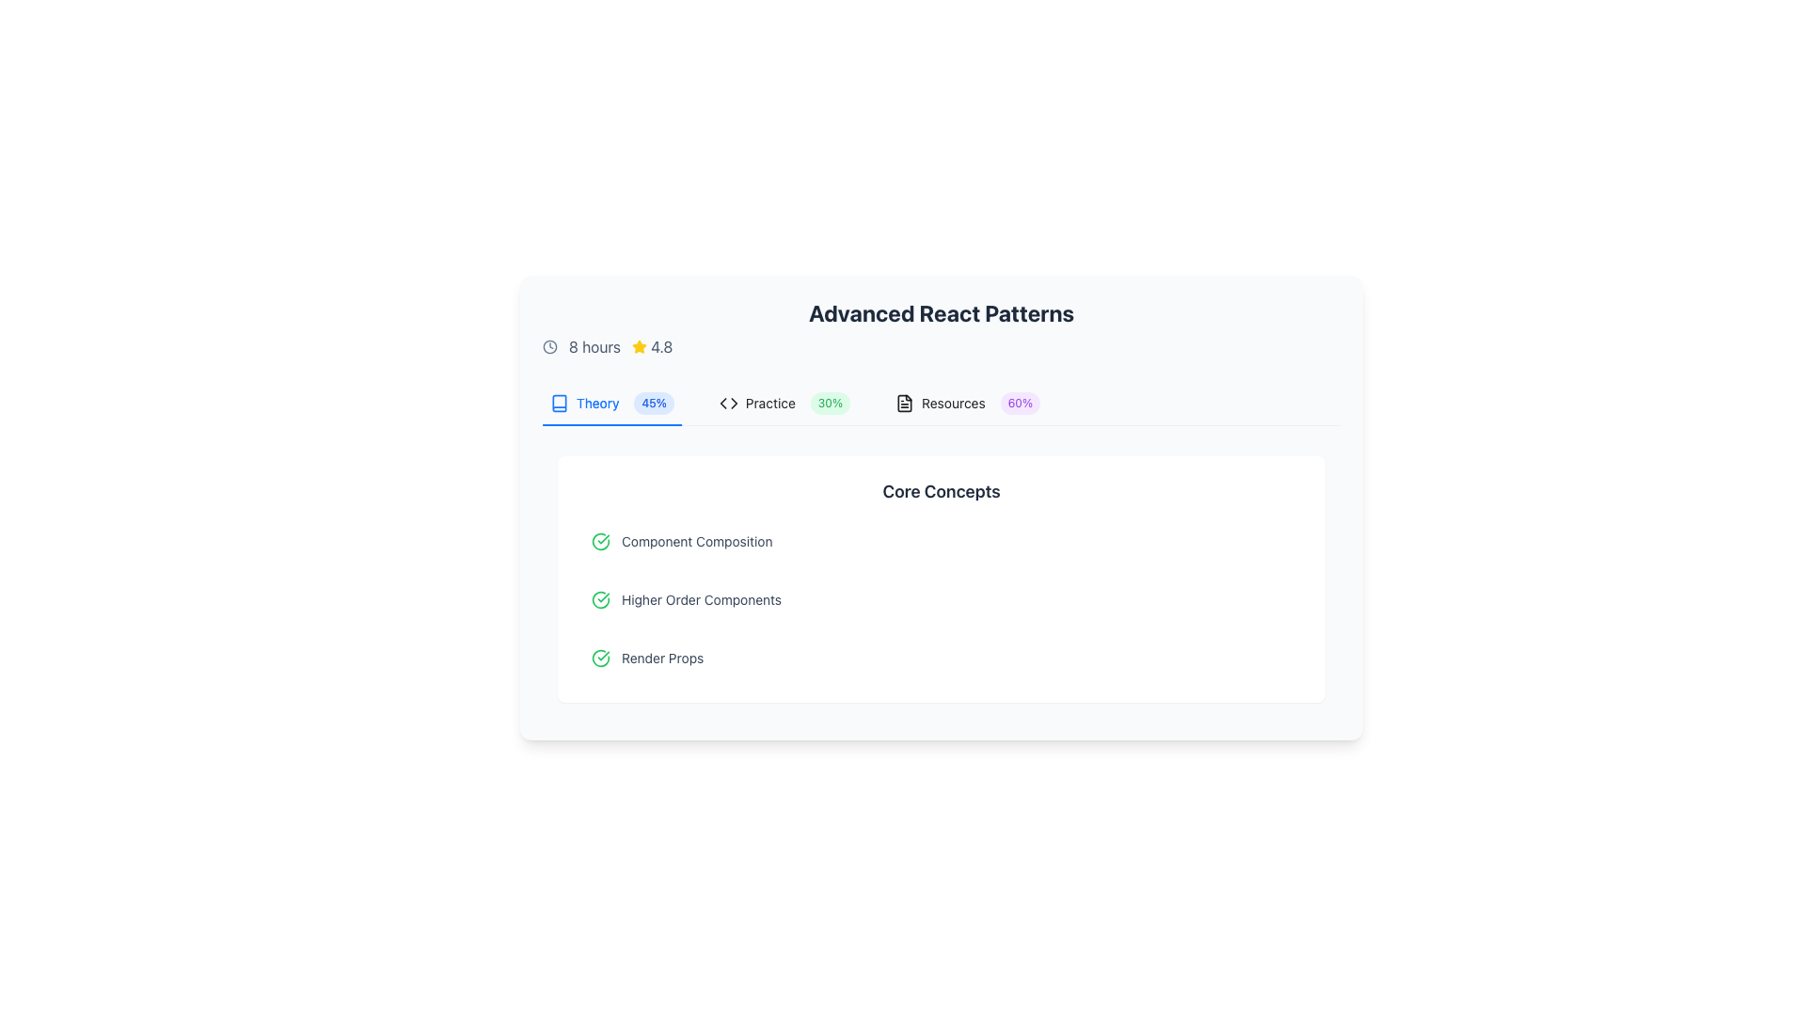 The height and width of the screenshot is (1016, 1806). What do you see at coordinates (611, 402) in the screenshot?
I see `the 'Theory' tab in the horizontal navigation bar` at bounding box center [611, 402].